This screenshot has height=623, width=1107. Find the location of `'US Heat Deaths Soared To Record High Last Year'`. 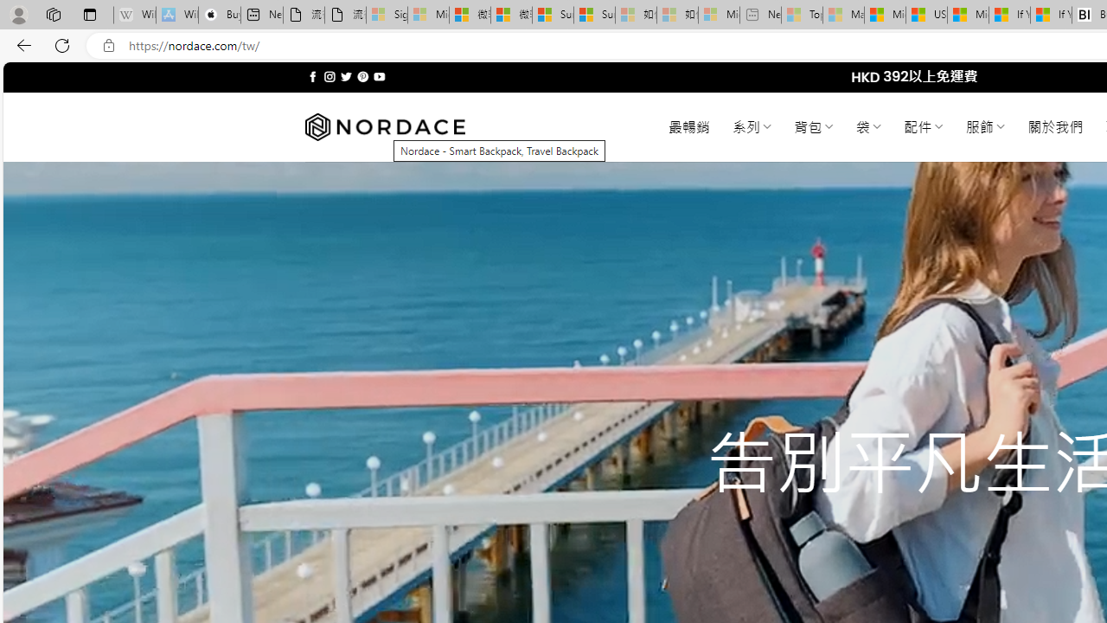

'US Heat Deaths Soared To Record High Last Year' is located at coordinates (925, 15).